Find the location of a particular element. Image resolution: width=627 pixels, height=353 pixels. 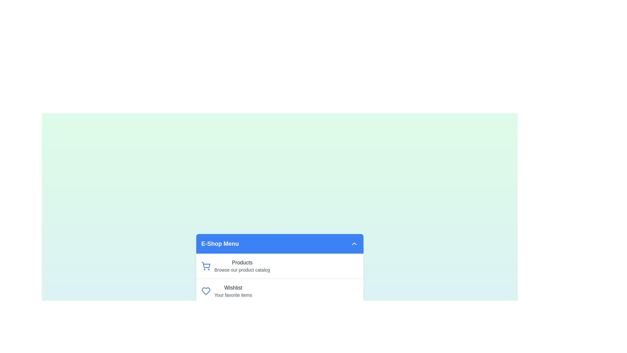

the menu item Wishlist from the EcommerceFeatureMenu is located at coordinates (233, 287).